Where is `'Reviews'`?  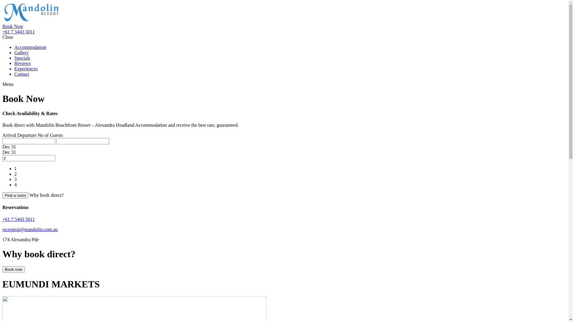
'Reviews' is located at coordinates (22, 63).